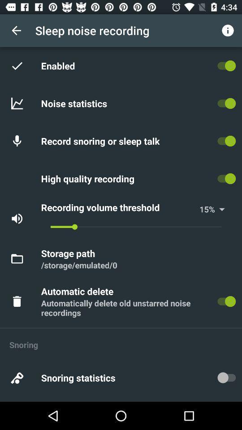  Describe the element at coordinates (101, 141) in the screenshot. I see `item below noise statistics` at that location.